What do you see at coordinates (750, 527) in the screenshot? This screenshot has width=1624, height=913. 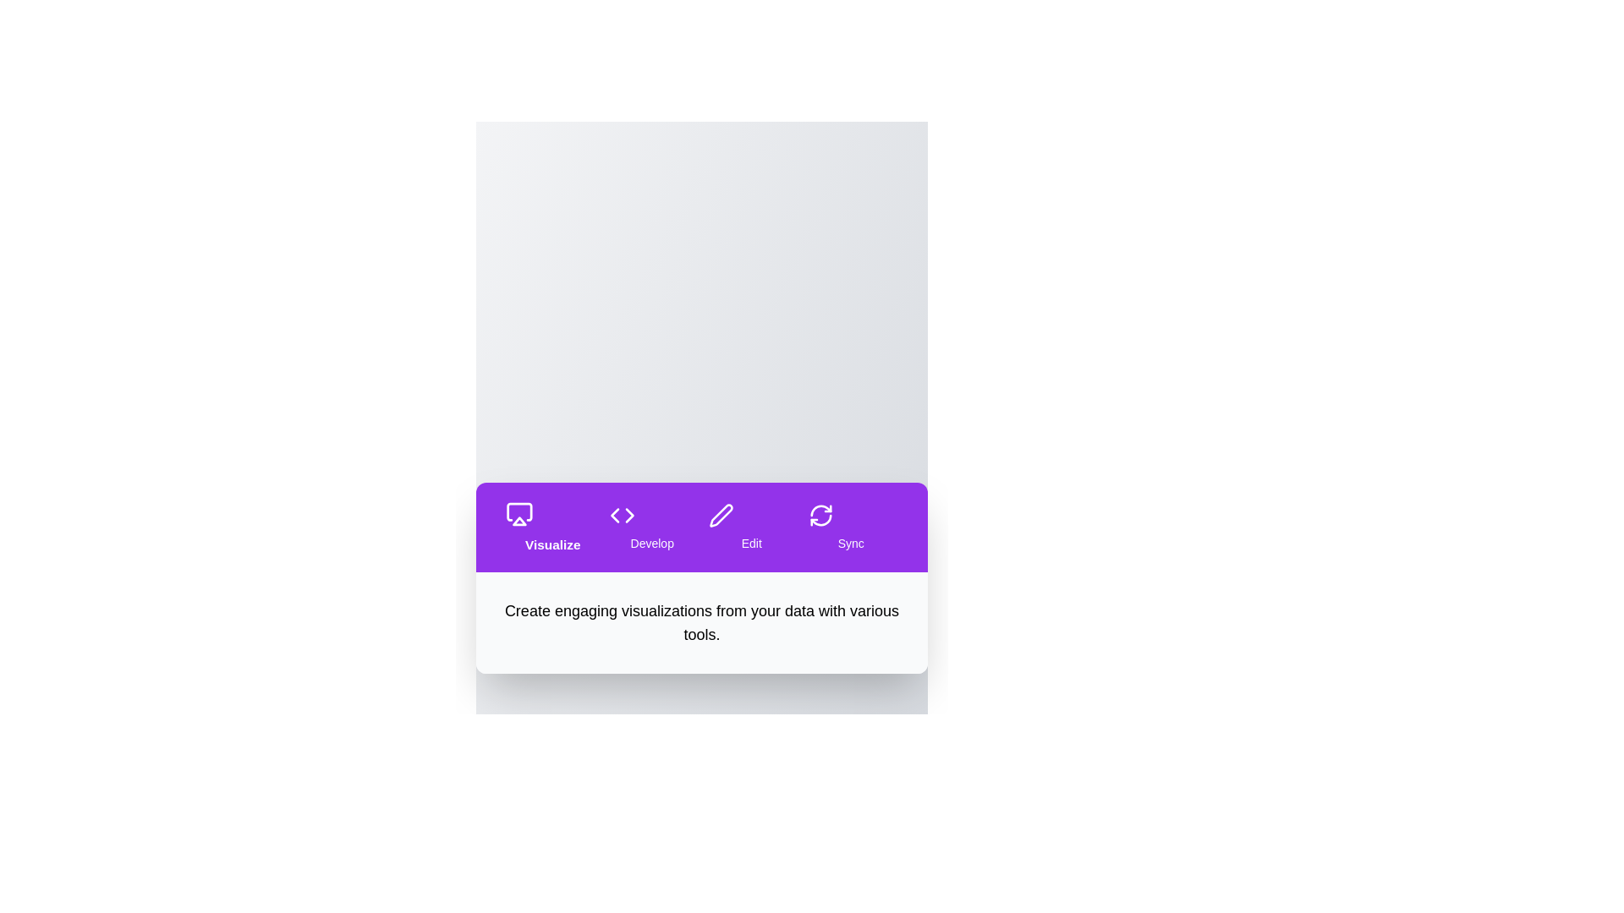 I see `the tab labeled Edit to observe its hover effect` at bounding box center [750, 527].